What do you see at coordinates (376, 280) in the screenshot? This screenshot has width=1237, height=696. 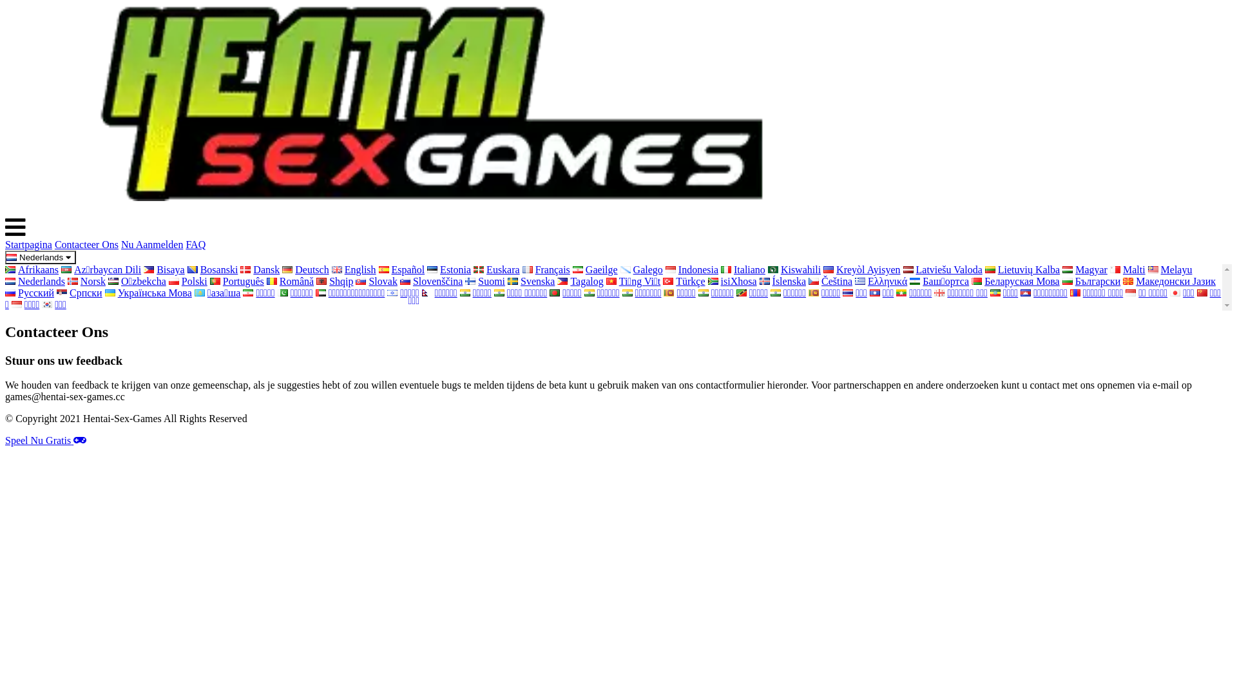 I see `'Slovak'` at bounding box center [376, 280].